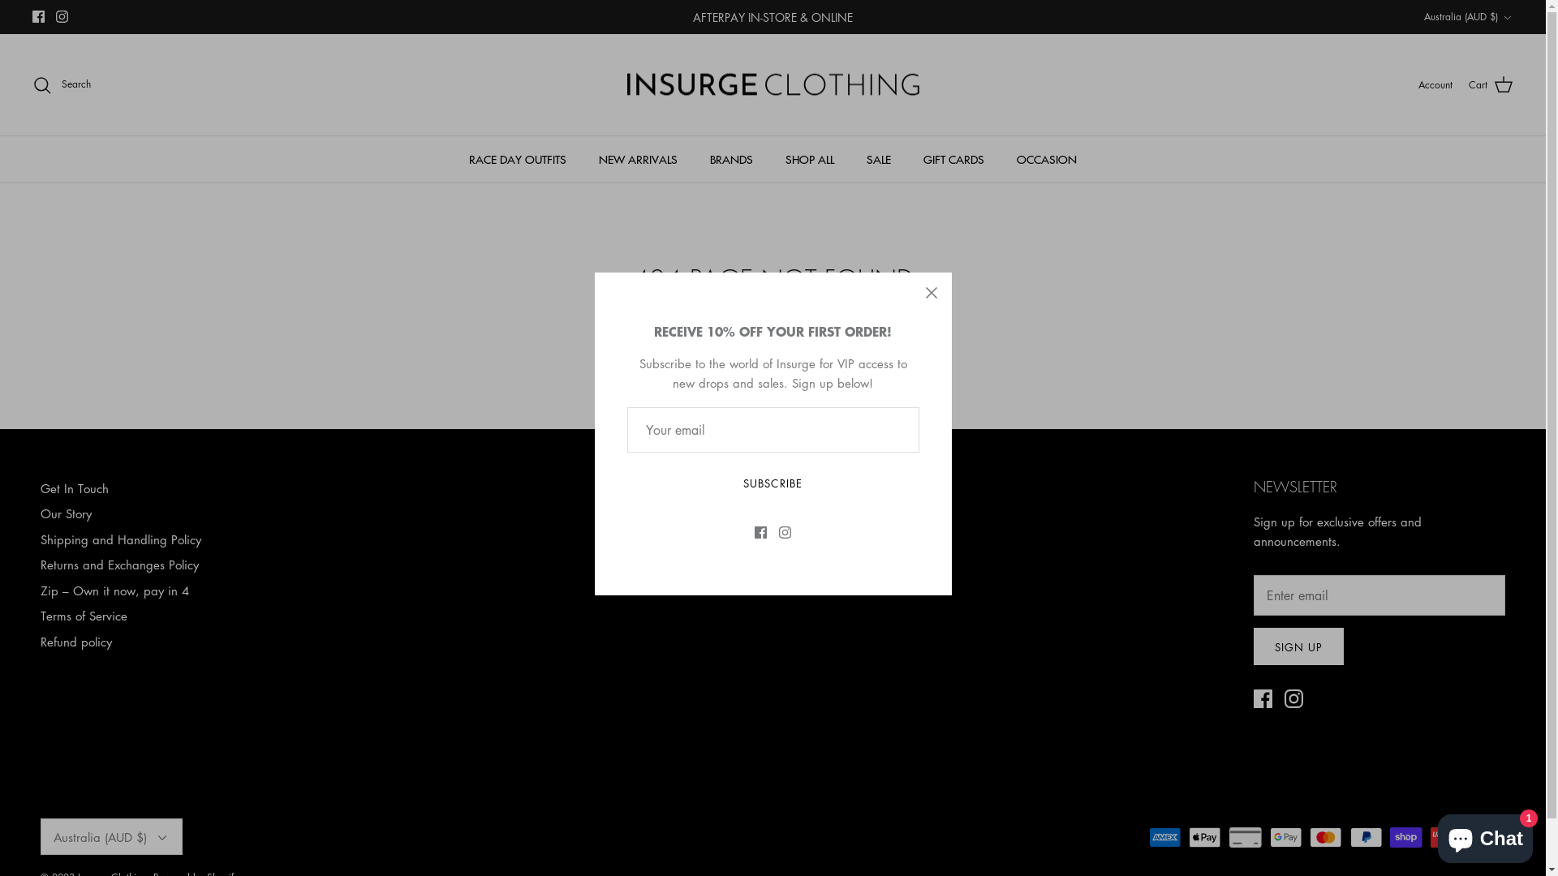 This screenshot has width=1558, height=876. Describe the element at coordinates (119, 539) in the screenshot. I see `'Shipping and Handling Policy'` at that location.